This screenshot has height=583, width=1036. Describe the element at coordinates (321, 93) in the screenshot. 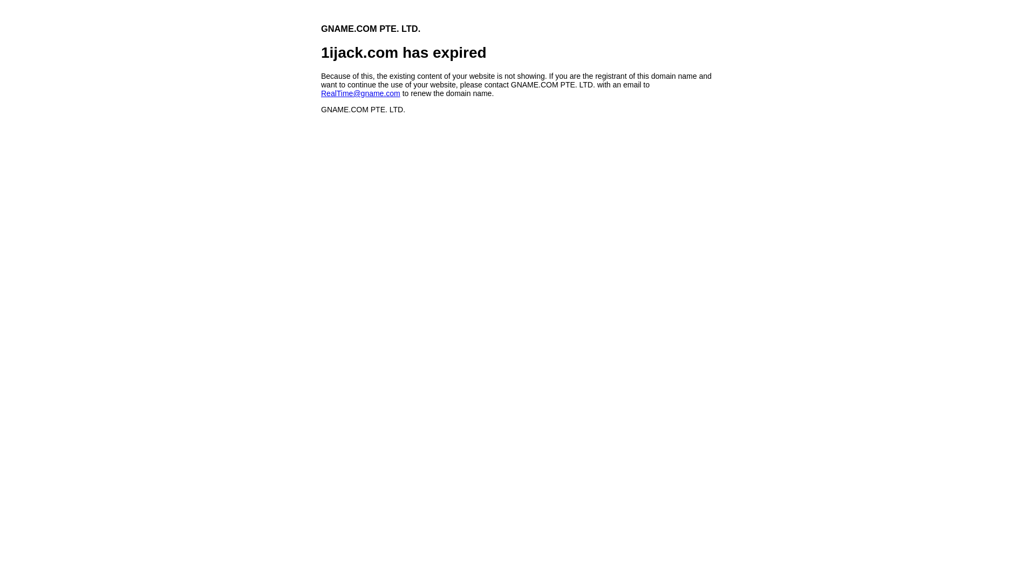

I see `'RealTime@gname.com'` at that location.